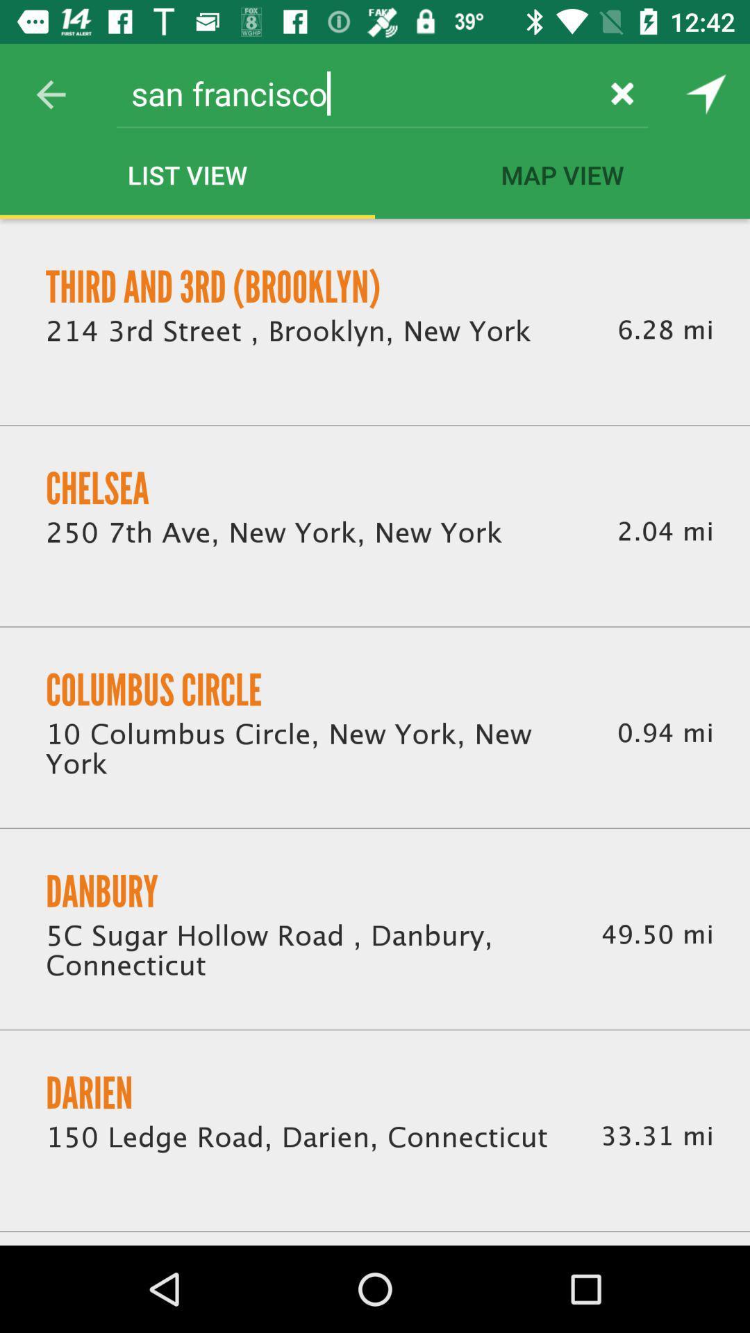 This screenshot has width=750, height=1333. Describe the element at coordinates (274, 533) in the screenshot. I see `250 7th ave icon` at that location.